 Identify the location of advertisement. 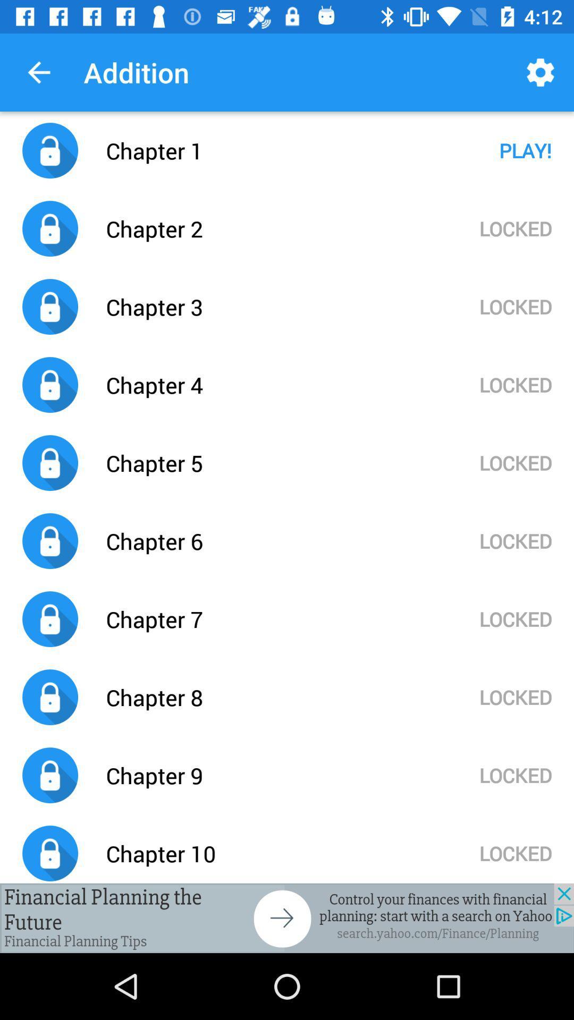
(287, 917).